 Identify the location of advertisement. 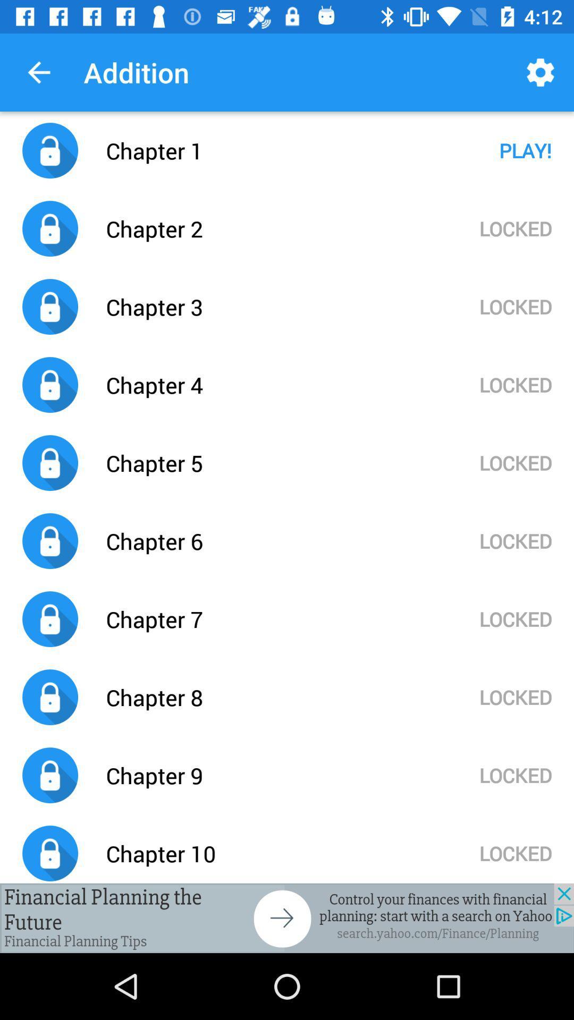
(287, 917).